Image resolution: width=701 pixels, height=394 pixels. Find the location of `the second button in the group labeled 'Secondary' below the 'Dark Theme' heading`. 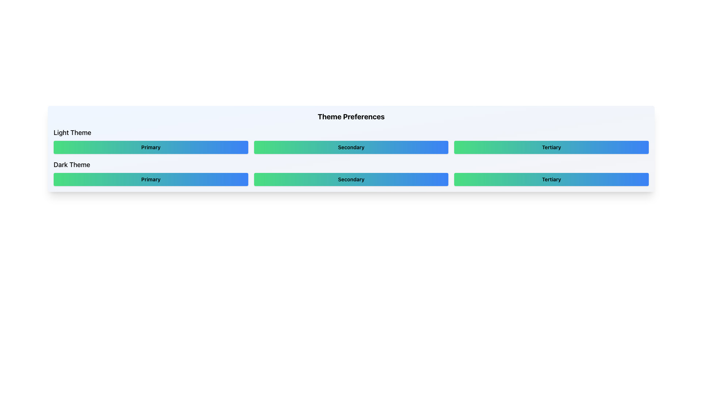

the second button in the group labeled 'Secondary' below the 'Dark Theme' heading is located at coordinates (351, 179).